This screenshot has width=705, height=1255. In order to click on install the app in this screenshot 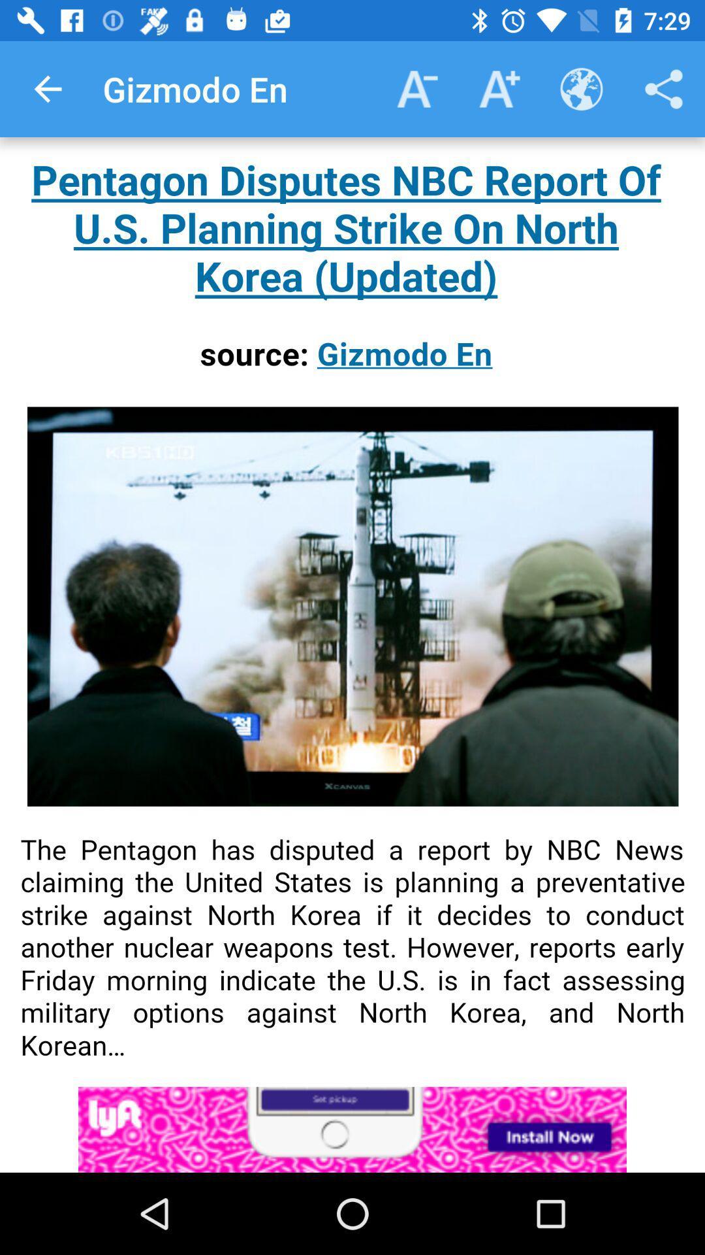, I will do `click(352, 1129)`.